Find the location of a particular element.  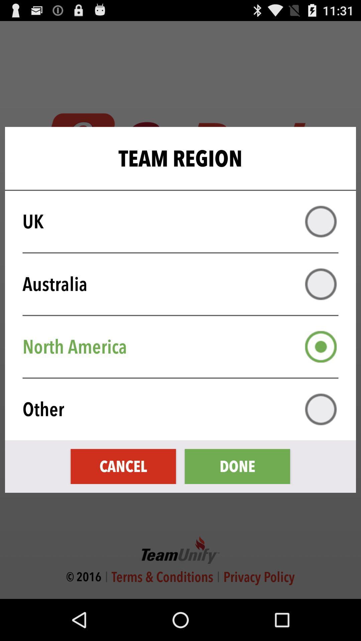

icon below the other is located at coordinates (237, 466).